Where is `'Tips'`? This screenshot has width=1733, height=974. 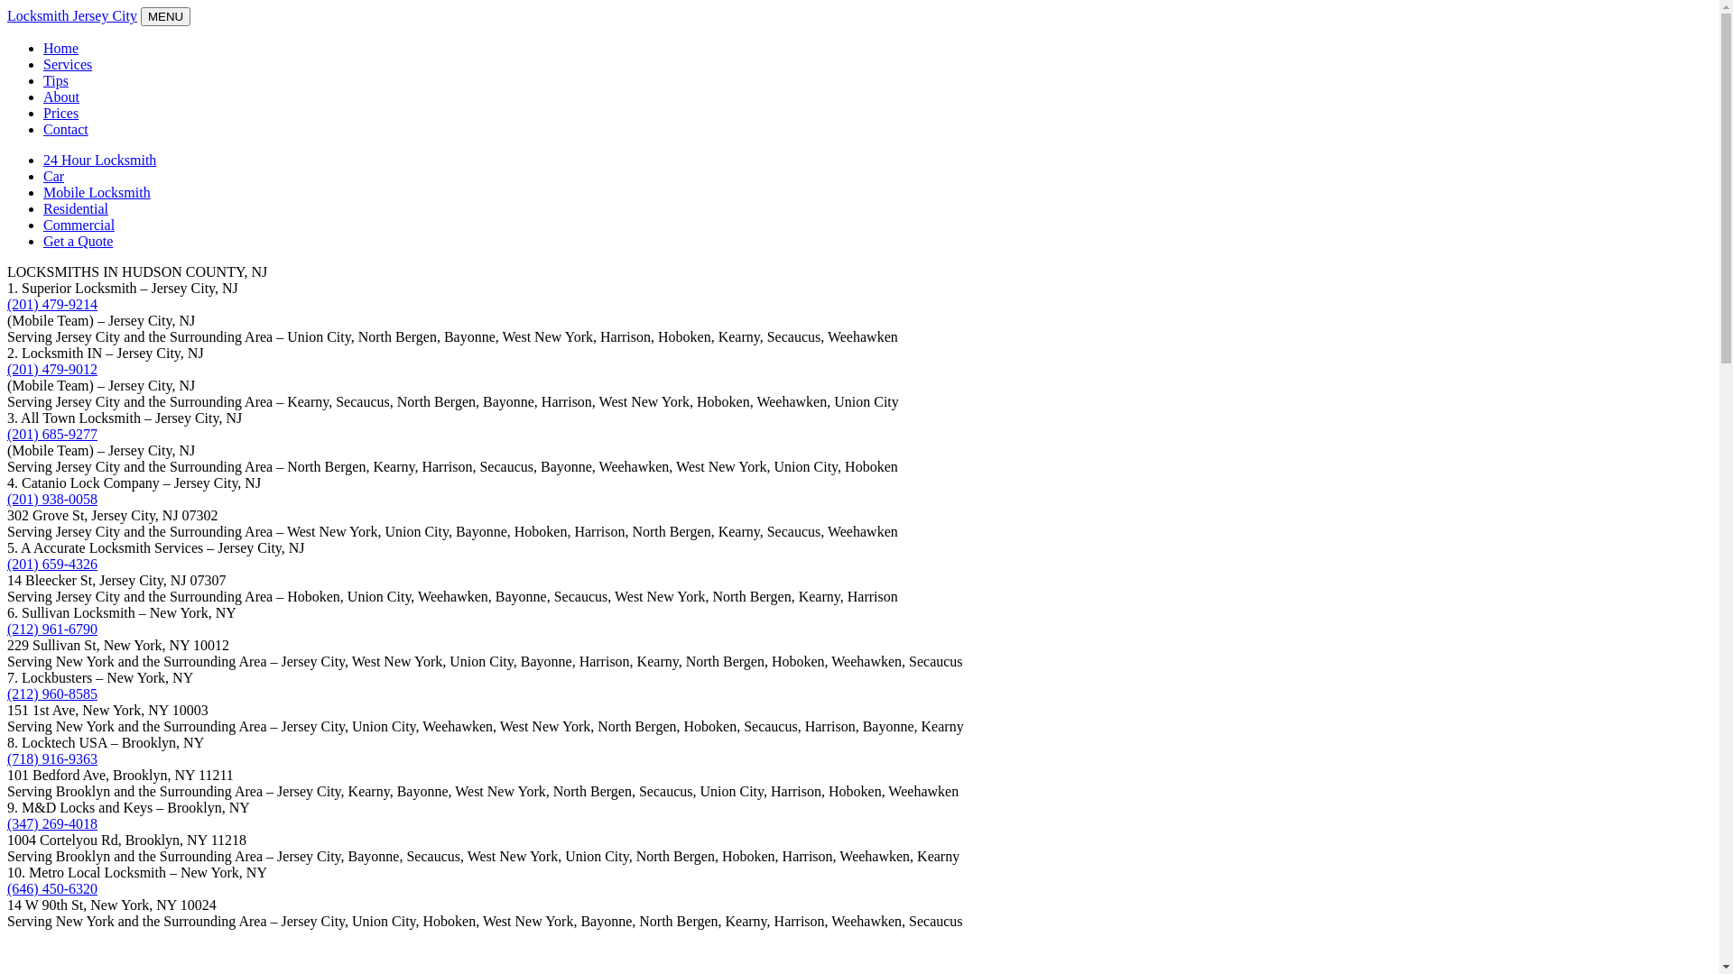 'Tips' is located at coordinates (43, 79).